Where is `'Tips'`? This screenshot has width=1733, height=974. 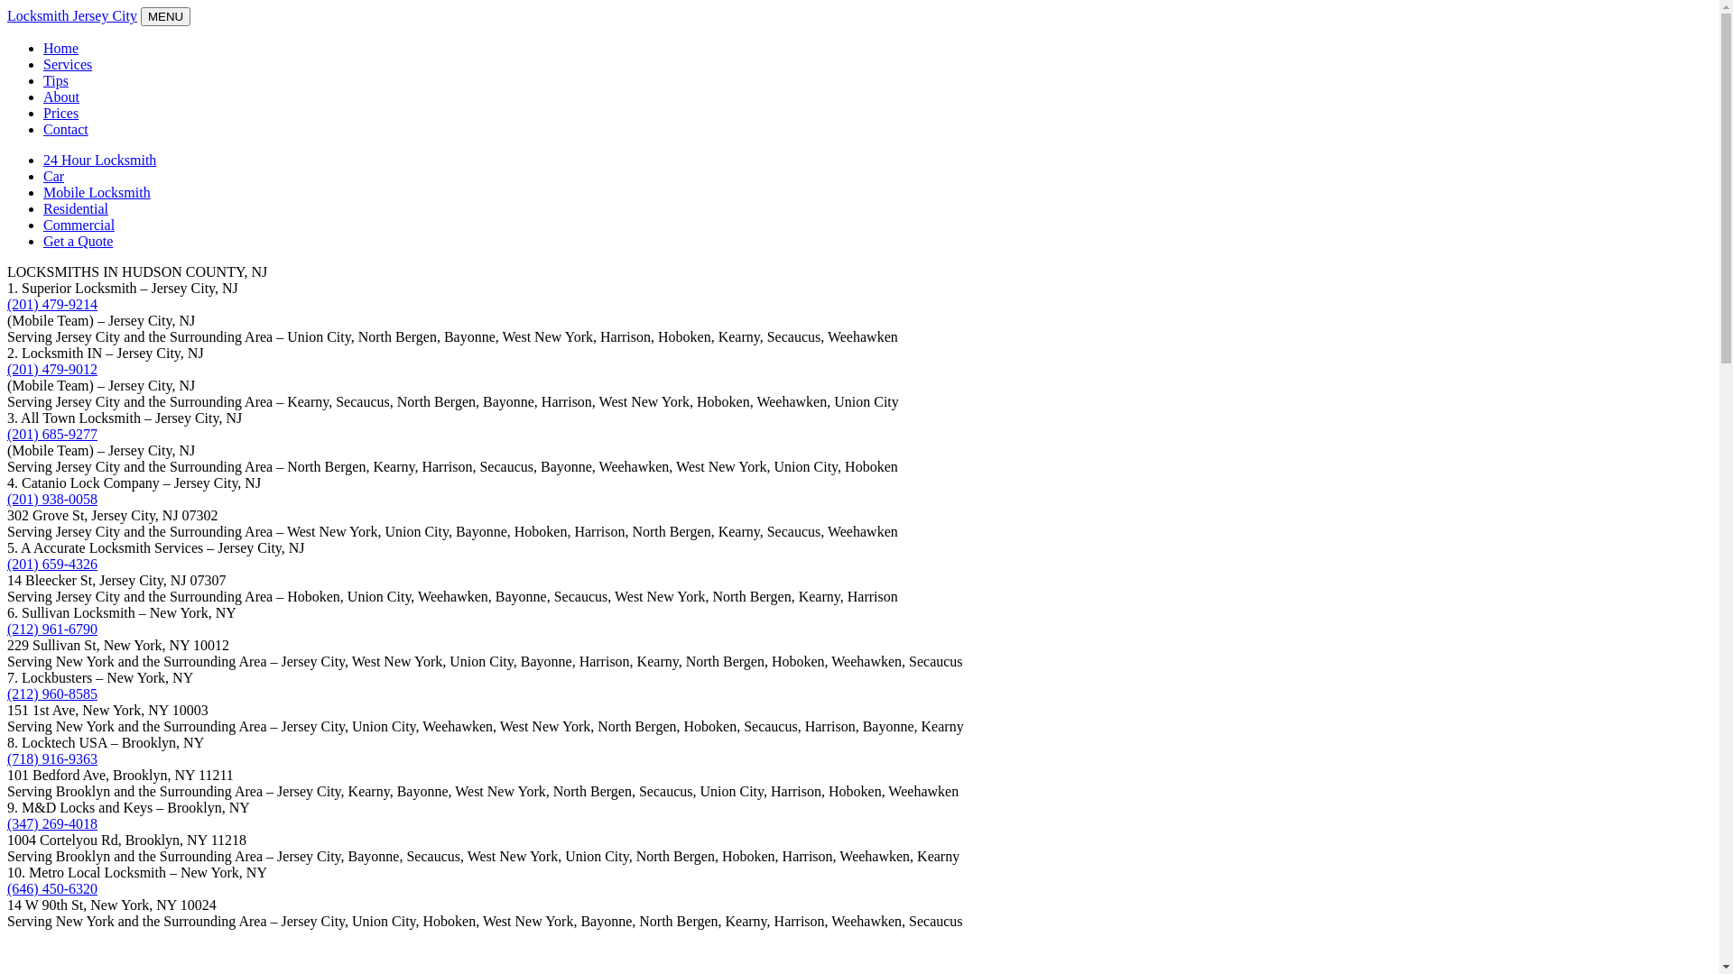 'Tips' is located at coordinates (43, 79).